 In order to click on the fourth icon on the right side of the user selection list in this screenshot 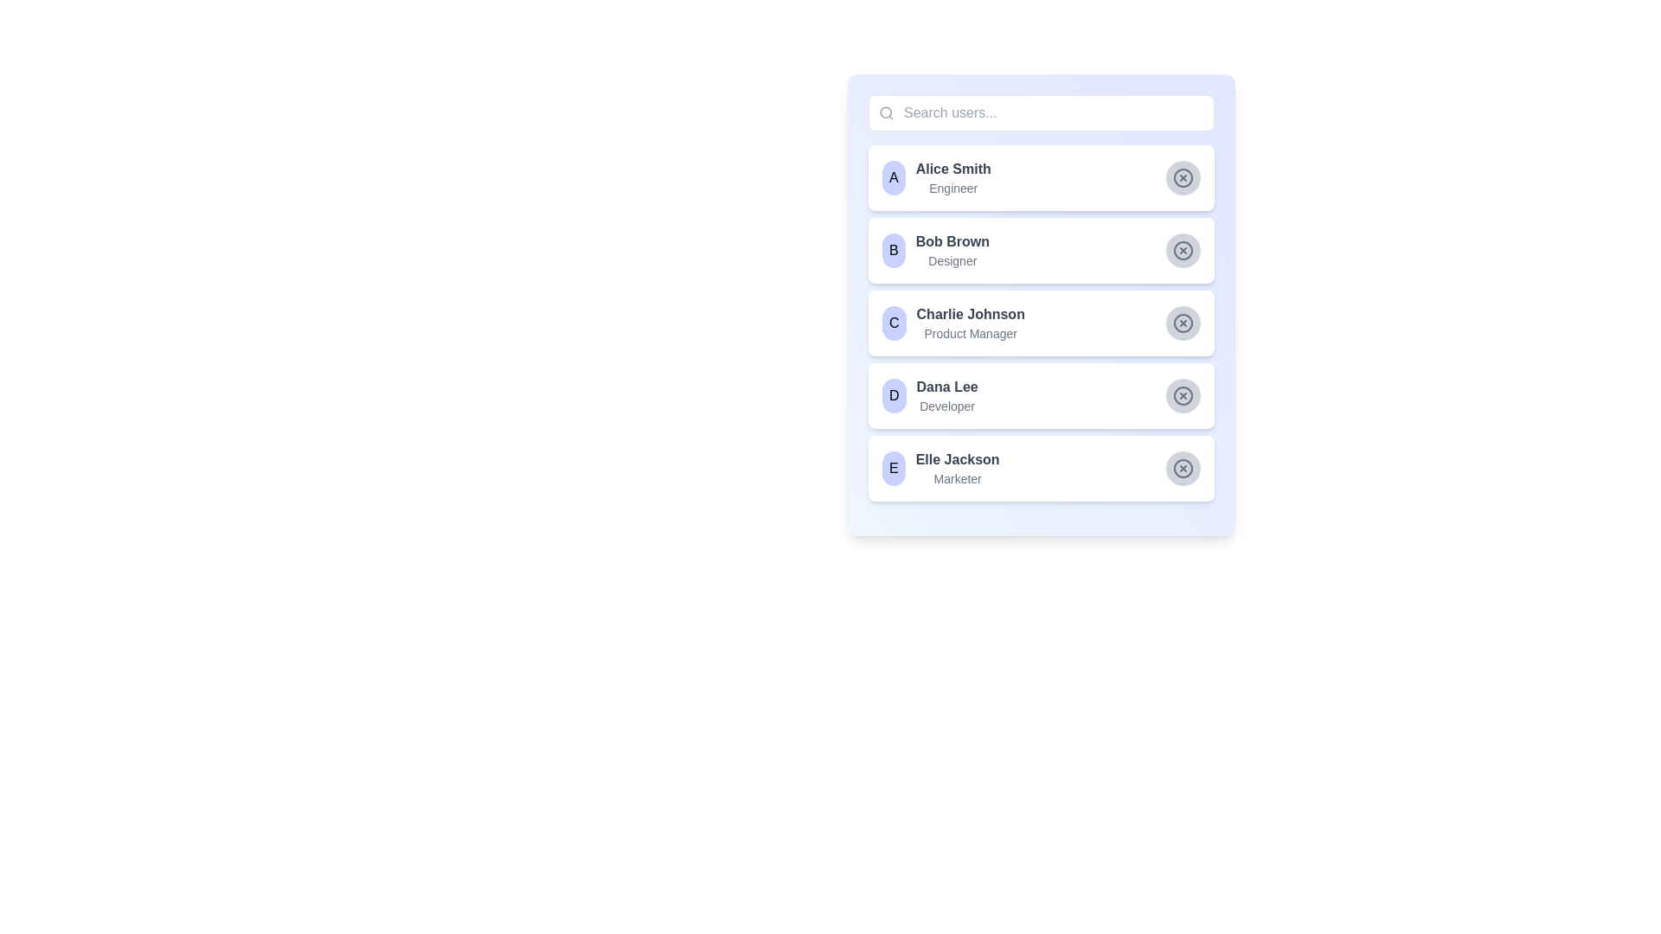, I will do `click(1183, 396)`.